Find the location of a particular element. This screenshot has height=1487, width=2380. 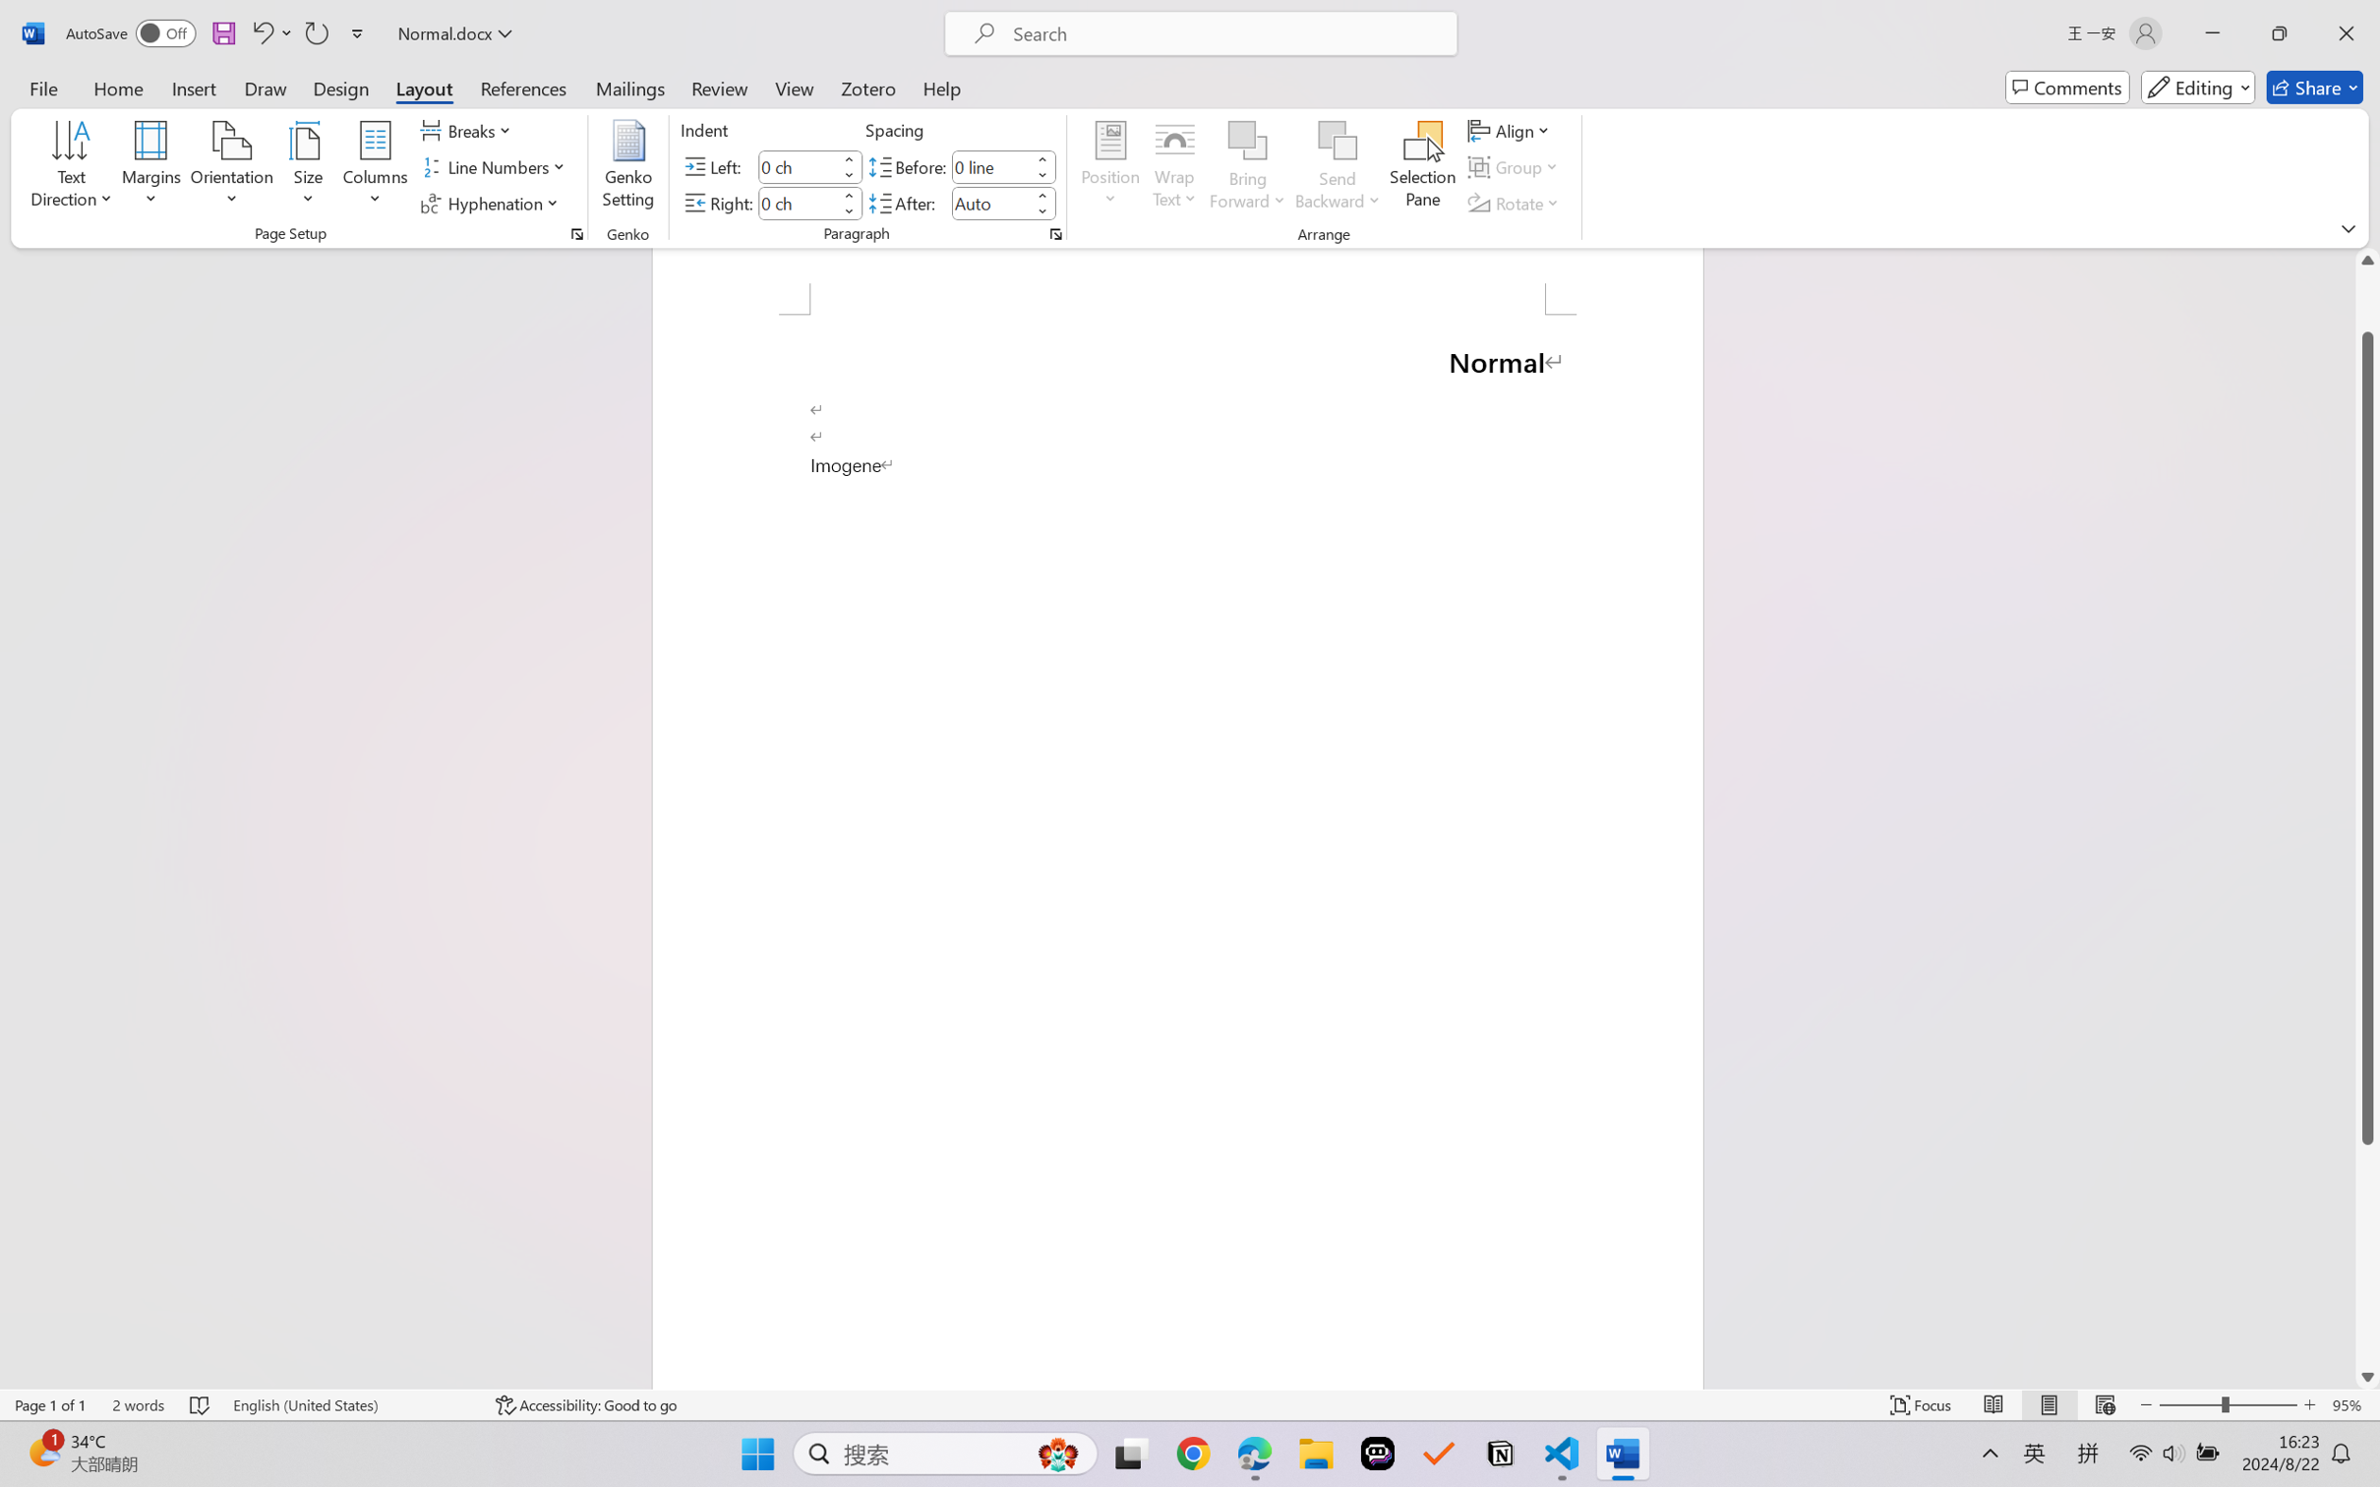

'Group' is located at coordinates (1515, 167).